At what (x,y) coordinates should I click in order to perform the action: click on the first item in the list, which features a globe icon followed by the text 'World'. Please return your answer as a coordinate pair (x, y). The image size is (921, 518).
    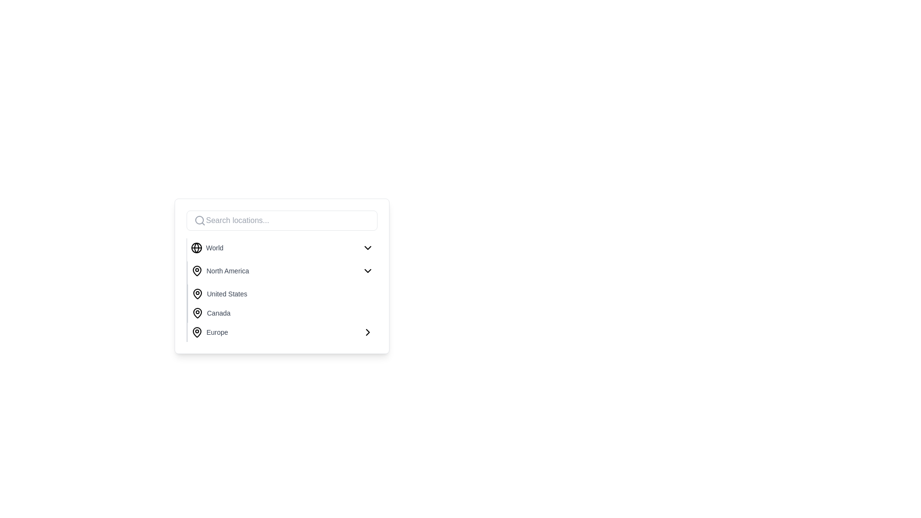
    Looking at the image, I should click on (206, 247).